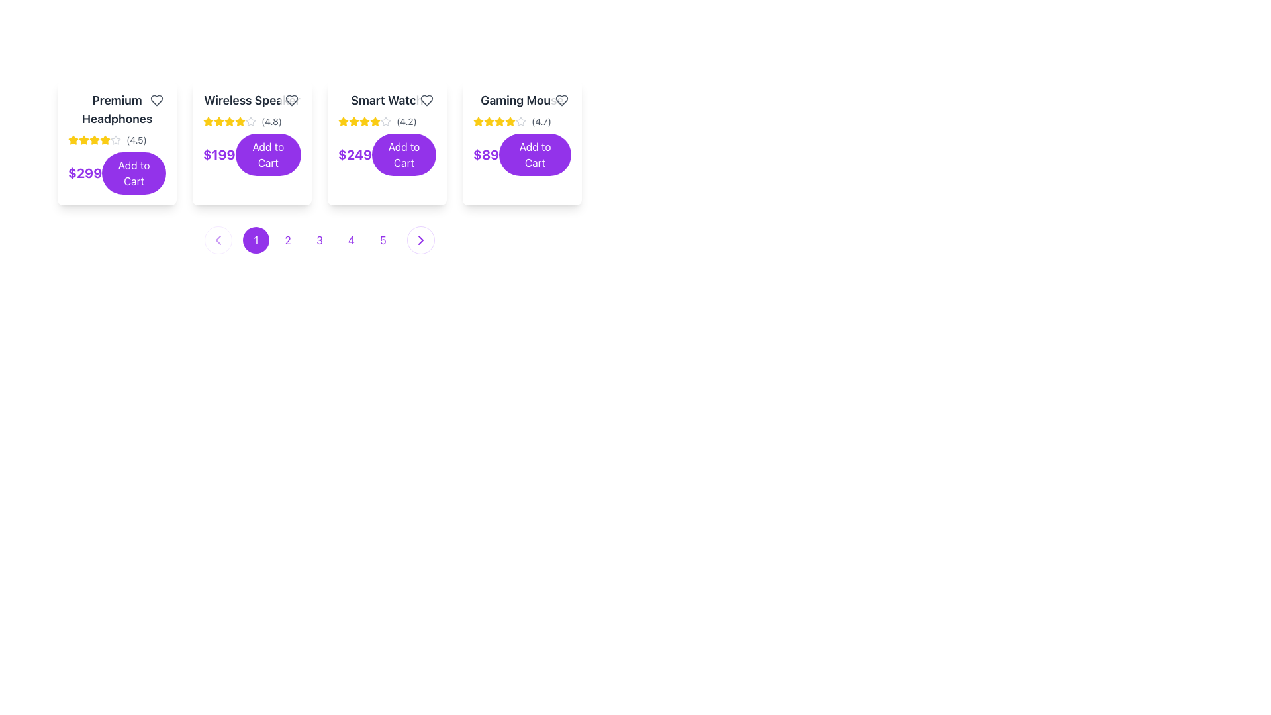 This screenshot has height=715, width=1271. Describe the element at coordinates (251, 122) in the screenshot. I see `the 5th star icon in the star rating system of the 'Wireless Speaker' product card, which is a gray hollow star icon positioned at the end of the row of five stars` at that location.